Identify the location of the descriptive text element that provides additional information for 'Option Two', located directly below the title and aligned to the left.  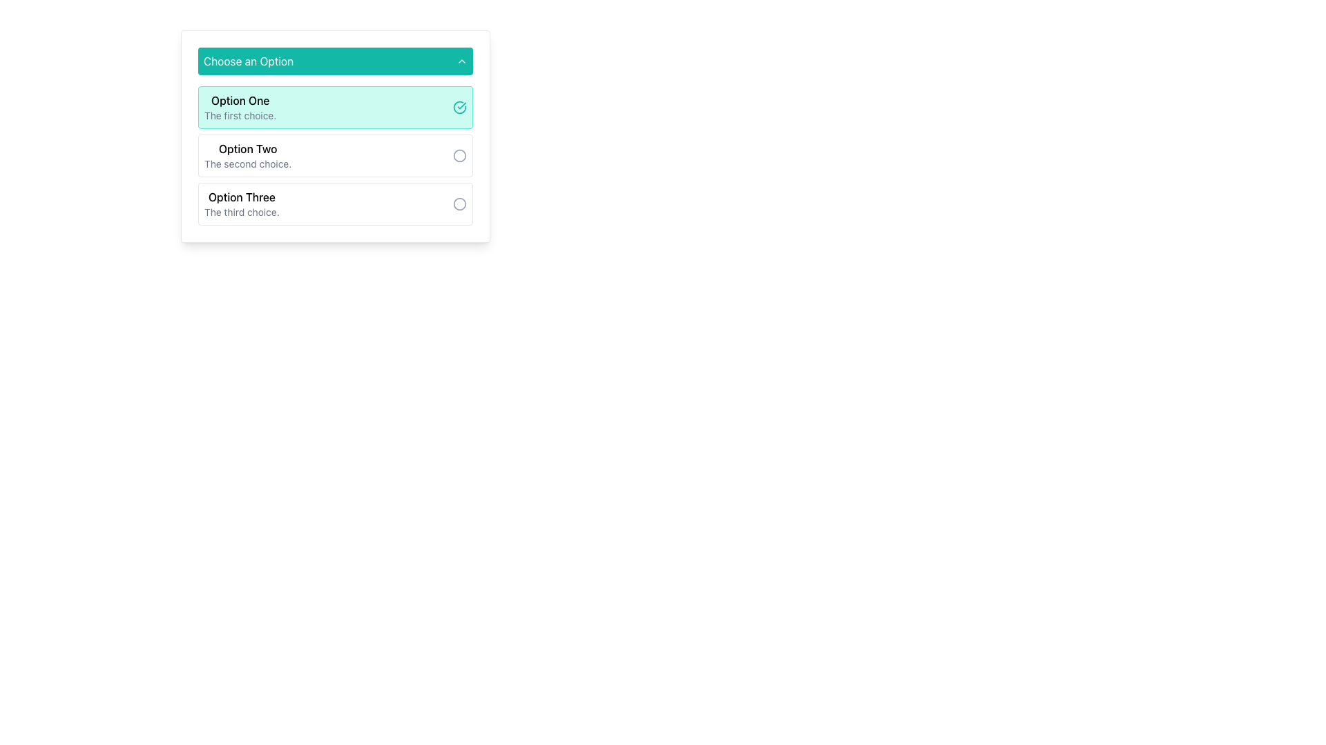
(248, 163).